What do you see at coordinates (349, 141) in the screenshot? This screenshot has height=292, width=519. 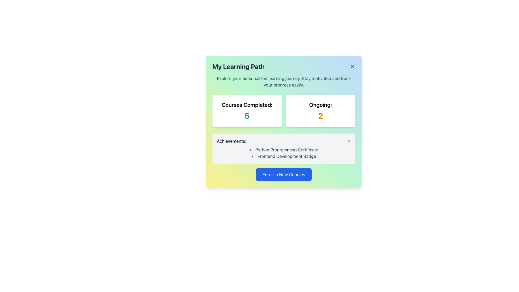 I see `the close icon button located in the upper-right corner of the 'Achievements' section, which resembles a stylized 'X' shape` at bounding box center [349, 141].